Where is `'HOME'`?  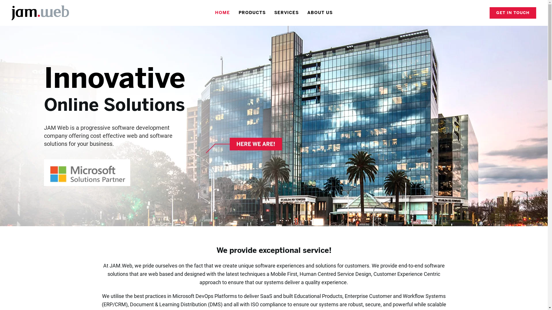
'HOME' is located at coordinates (210, 13).